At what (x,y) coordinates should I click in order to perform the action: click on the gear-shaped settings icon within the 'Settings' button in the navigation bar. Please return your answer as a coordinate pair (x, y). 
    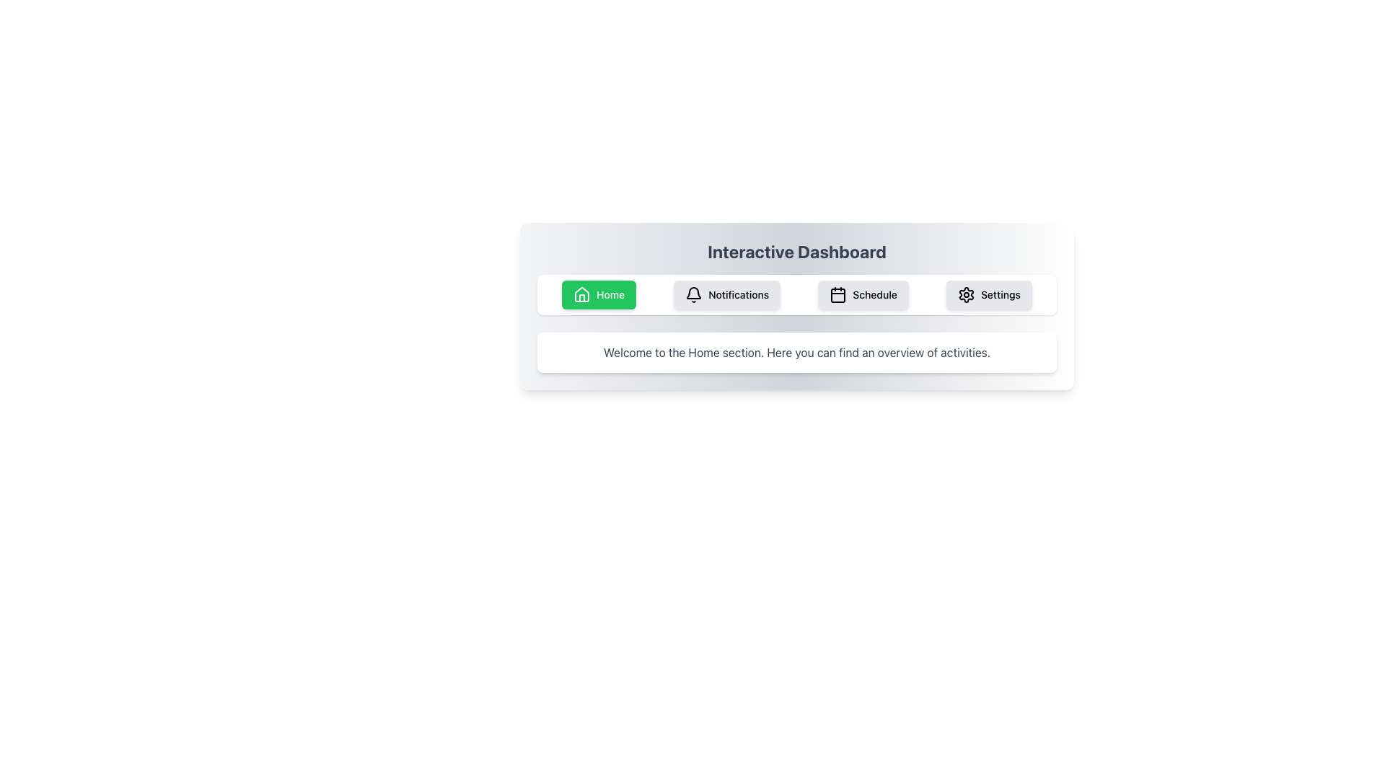
    Looking at the image, I should click on (966, 294).